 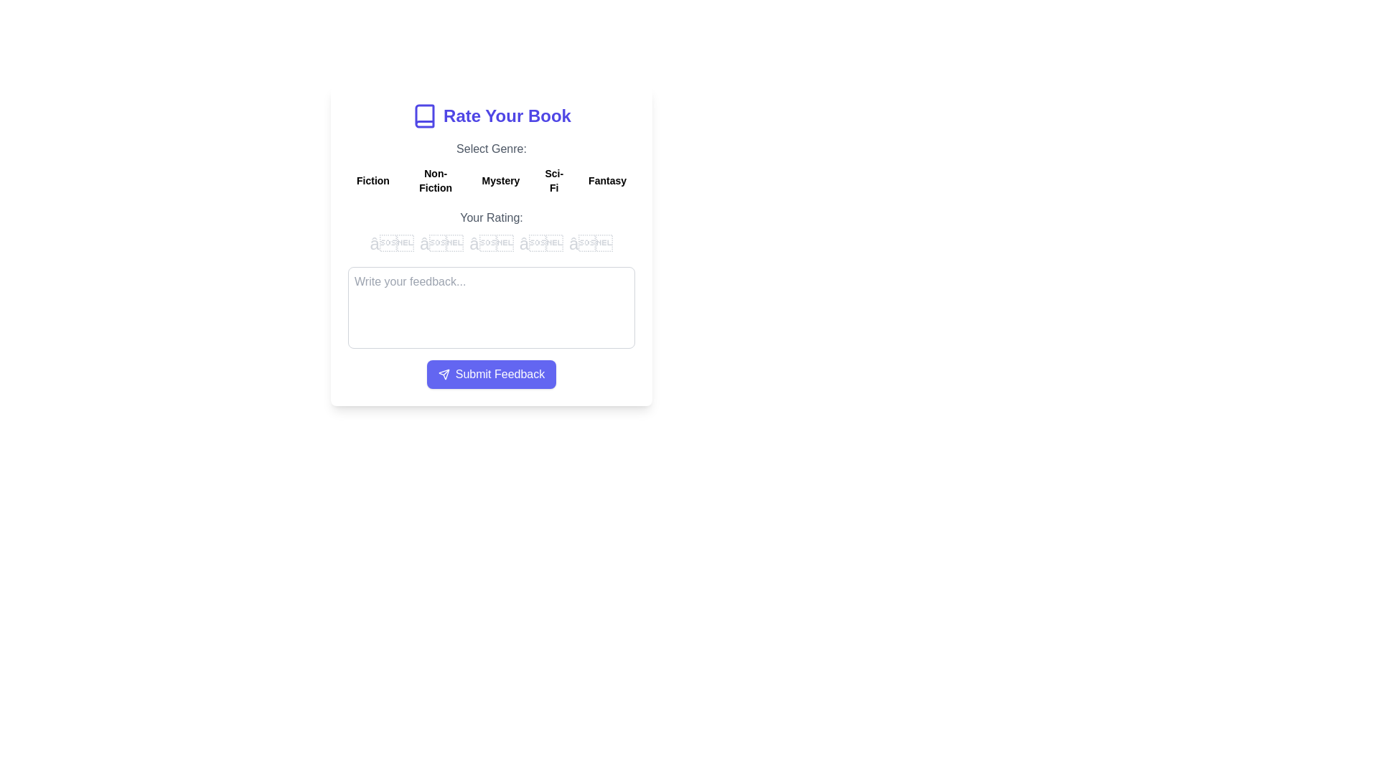 I want to click on the 'Mystery' genre button, which is the third button among five genre options located below the 'Select Genre' label, so click(x=500, y=179).